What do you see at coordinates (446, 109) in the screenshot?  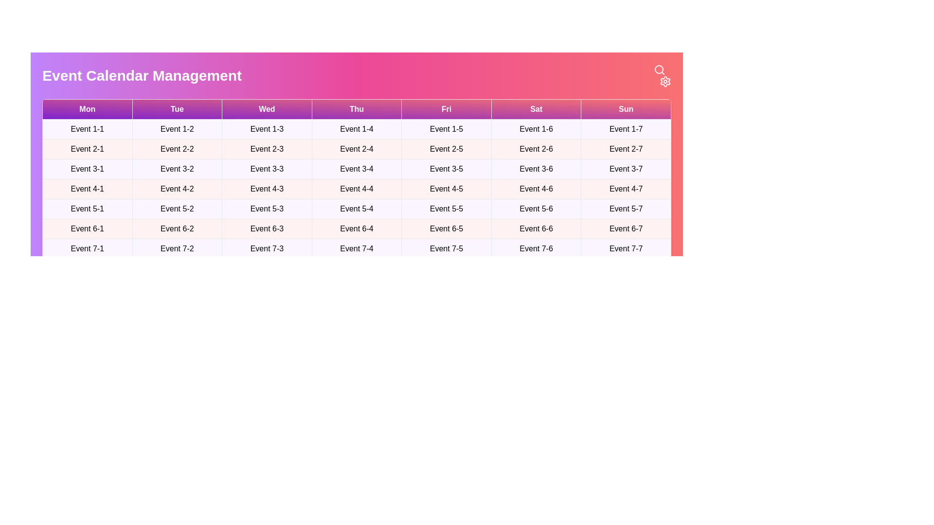 I see `the table header corresponding to Fri` at bounding box center [446, 109].